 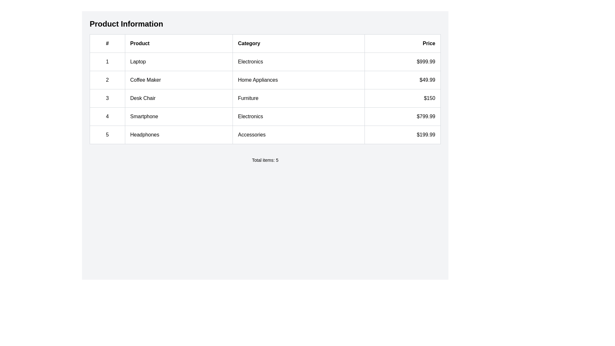 I want to click on the numbered item labeled '3' in the first column and third row of the table, which is styled with a gray border and centered alignment, so click(x=107, y=98).